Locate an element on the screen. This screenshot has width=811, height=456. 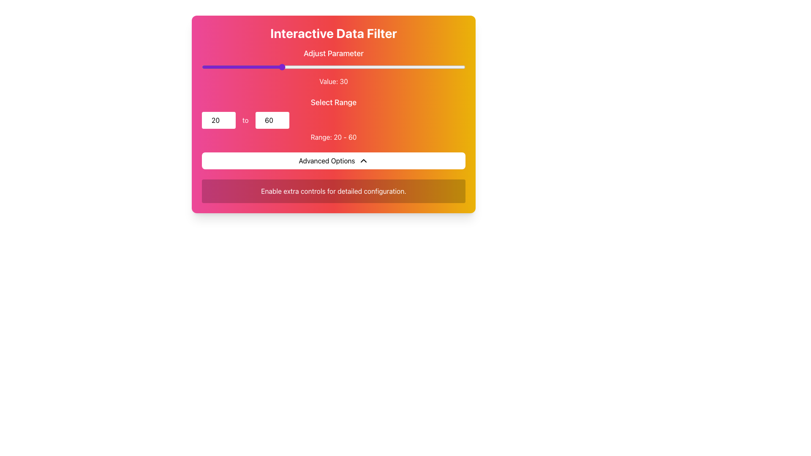
the bold and large-sized text 'Interactive Data Filter' at the top of the gradient panel, which has a pink to yellow background is located at coordinates (333, 33).